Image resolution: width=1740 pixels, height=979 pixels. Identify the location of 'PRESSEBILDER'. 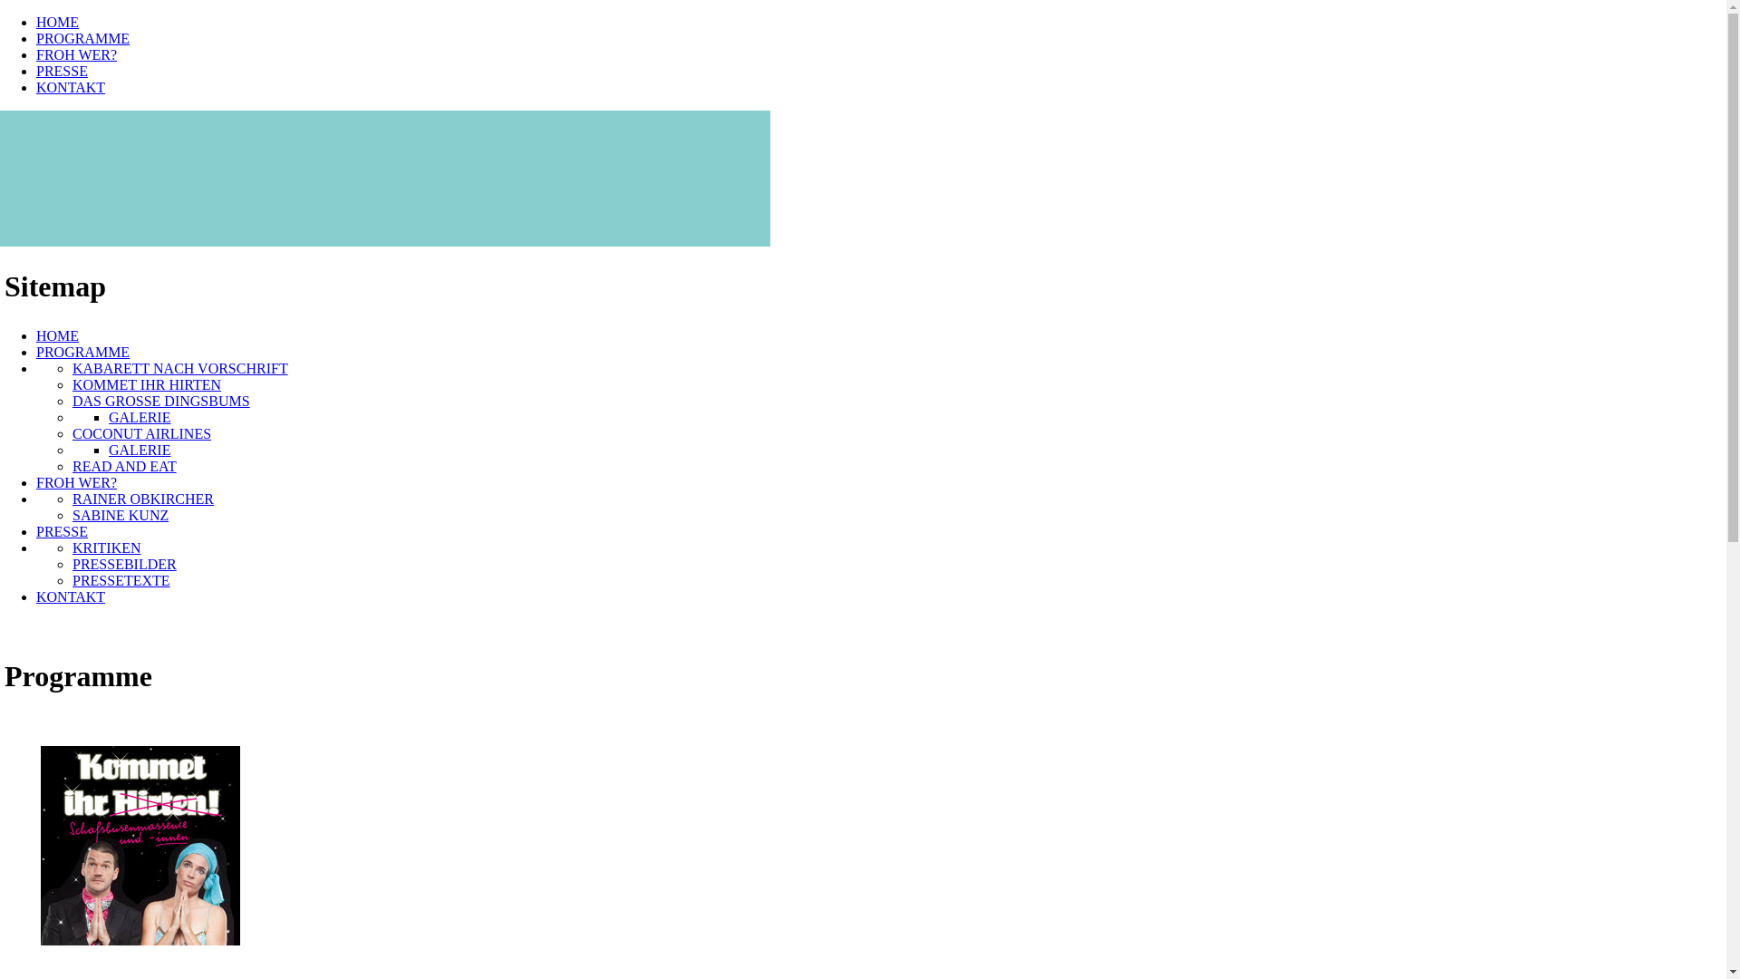
(72, 563).